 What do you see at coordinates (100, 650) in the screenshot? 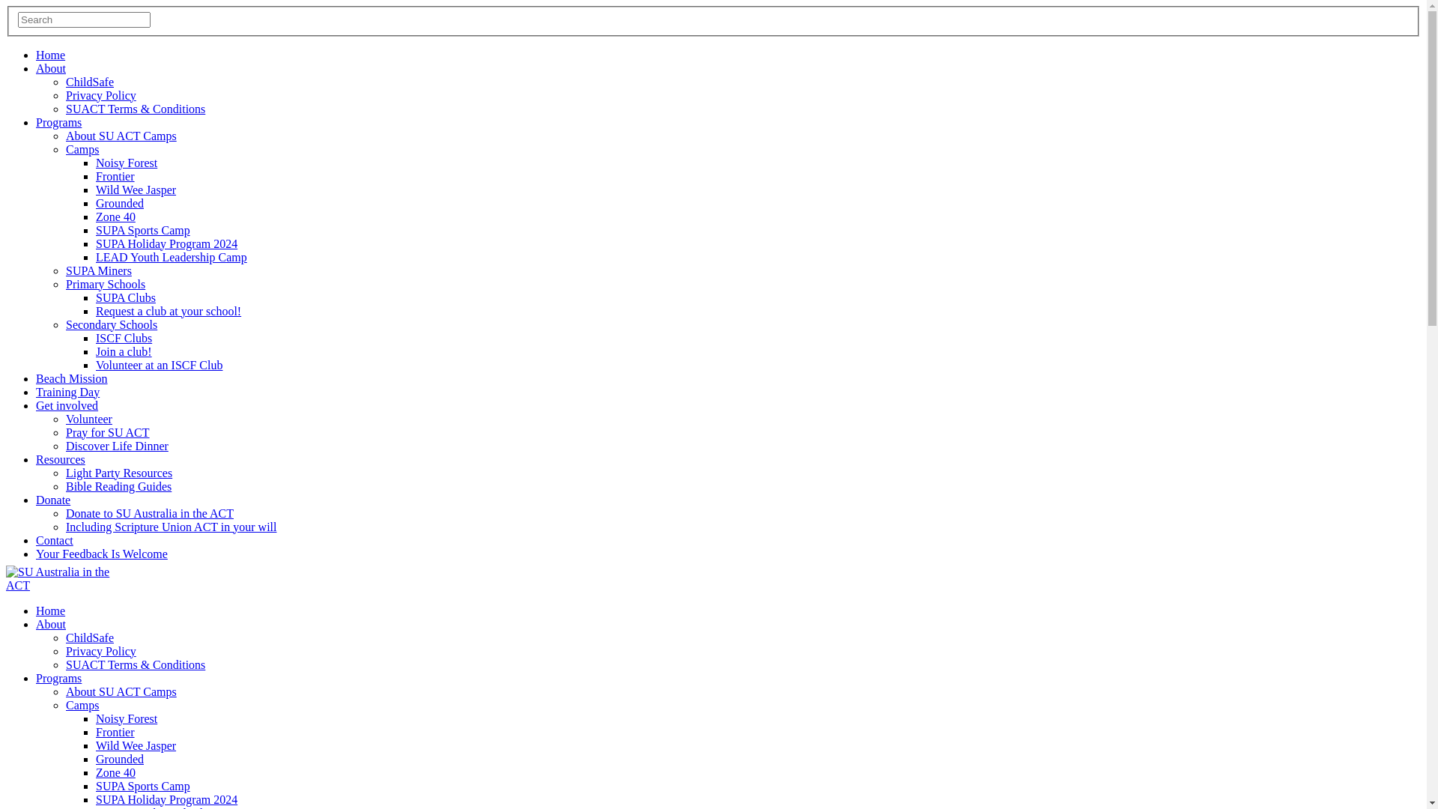
I see `'Privacy Policy'` at bounding box center [100, 650].